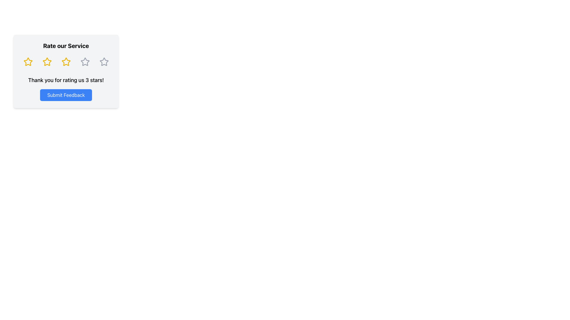  Describe the element at coordinates (28, 62) in the screenshot. I see `the first star in the star-rating component` at that location.